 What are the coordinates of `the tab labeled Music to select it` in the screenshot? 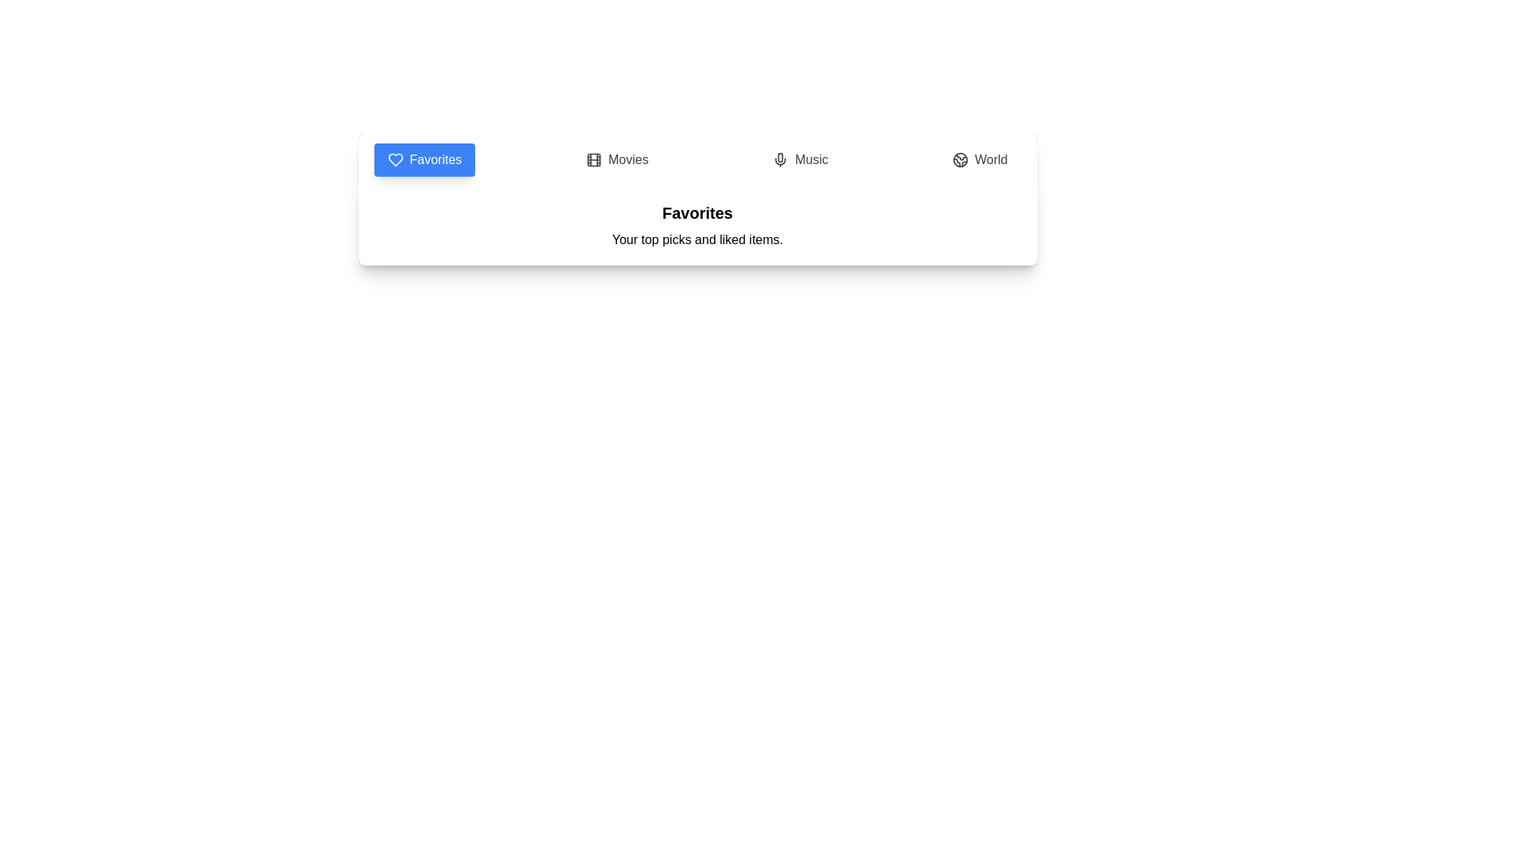 It's located at (800, 159).